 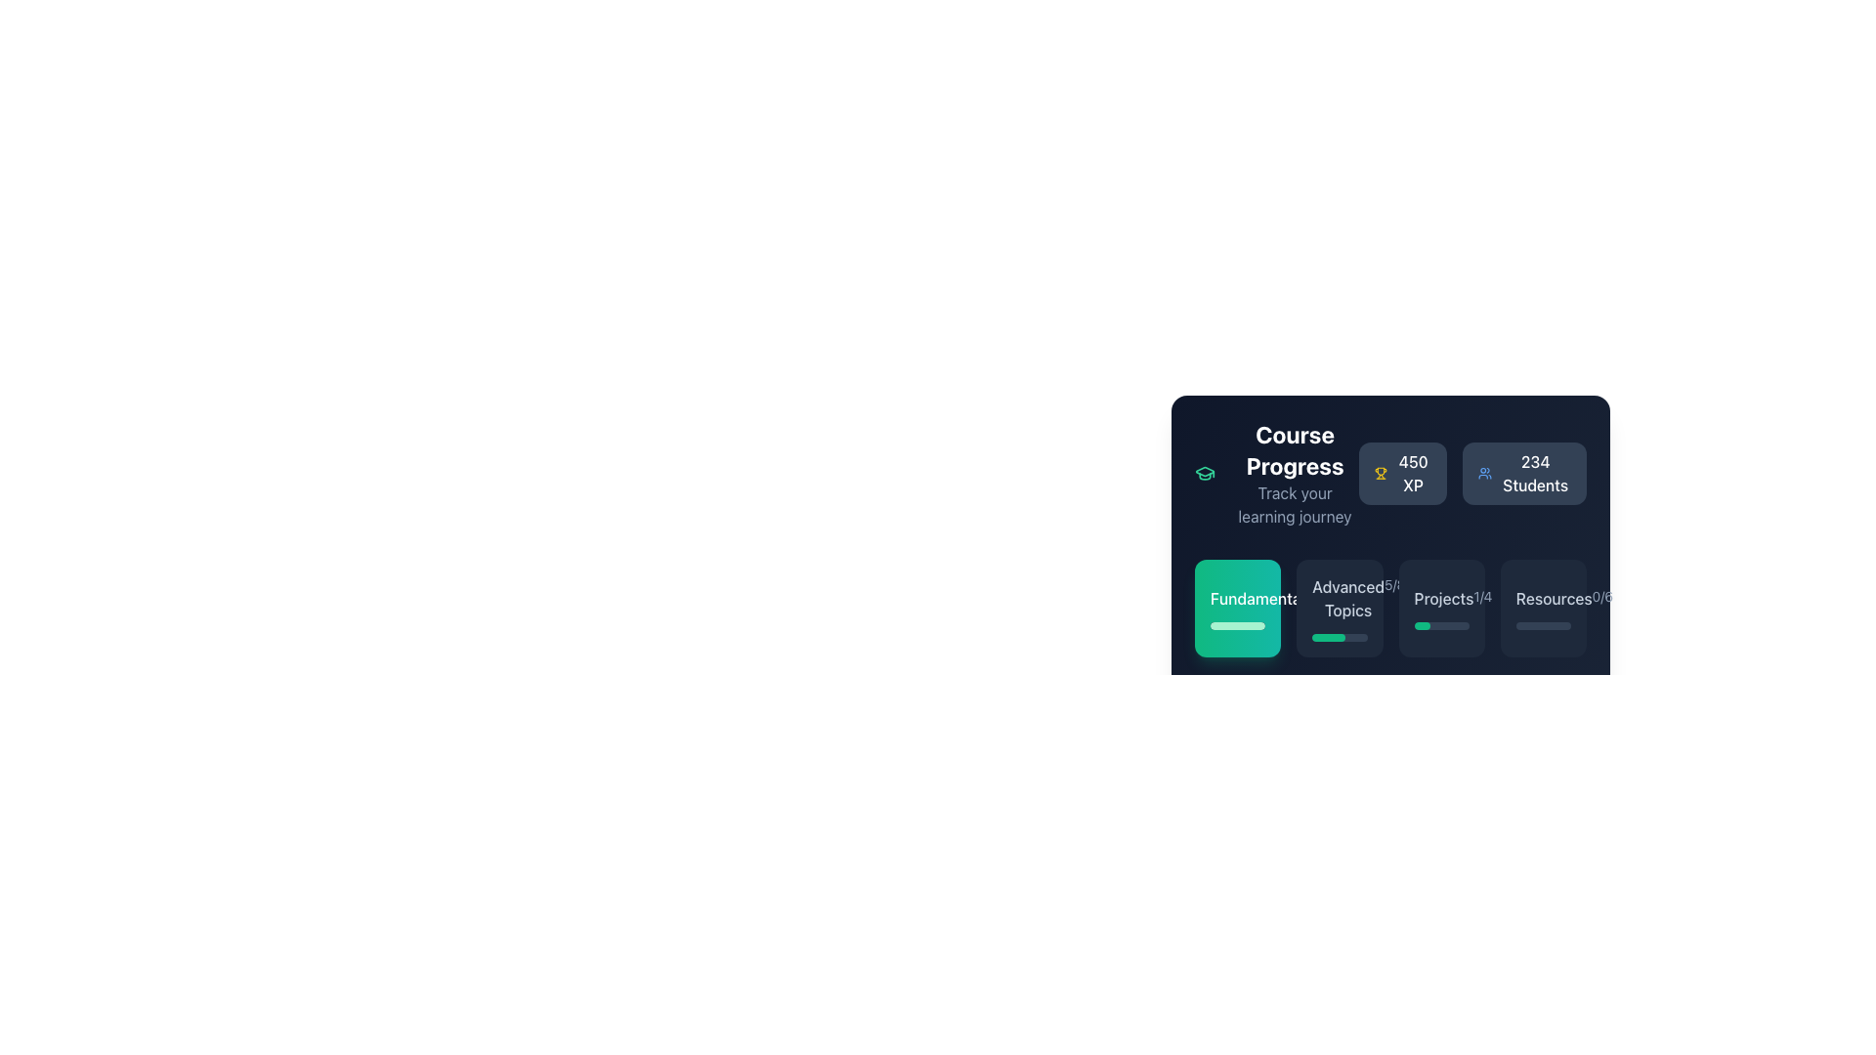 What do you see at coordinates (1401, 474) in the screenshot?
I see `the informational display card that shows the user's accumulated experience points (XP) located in the upper-right section of the layout, adjacent to the 'Course Progress' title` at bounding box center [1401, 474].